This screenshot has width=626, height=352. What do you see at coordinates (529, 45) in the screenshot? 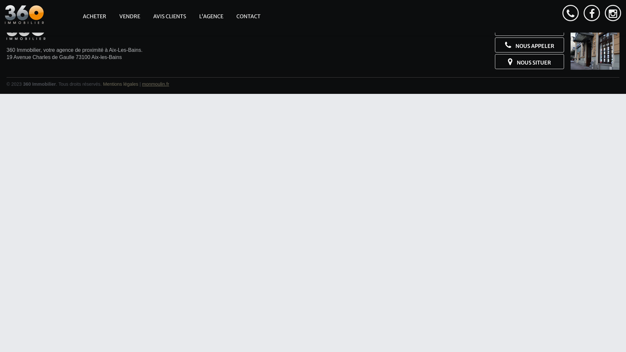
I see `'NOUS APPELER'` at bounding box center [529, 45].